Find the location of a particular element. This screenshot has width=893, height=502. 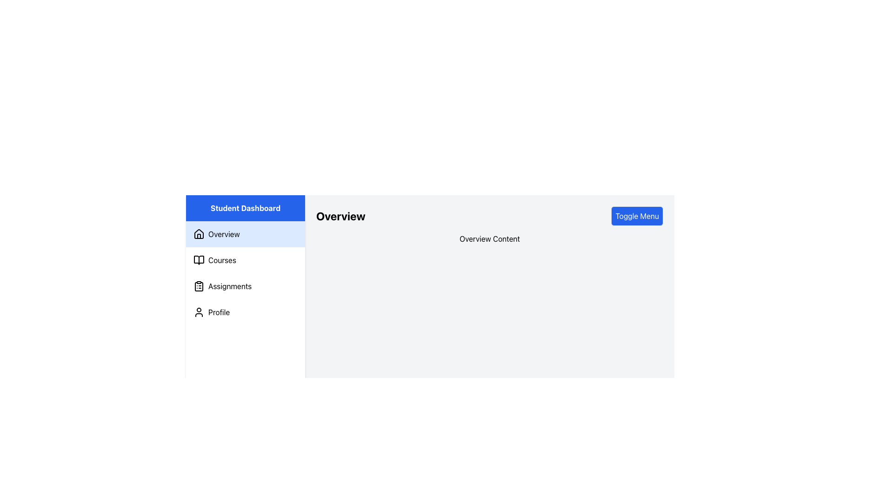

the stylized house icon in the sidebar menu, which is part of the 'Overview' graphical icon and located in the top section of the vertical list of options is located at coordinates (198, 233).